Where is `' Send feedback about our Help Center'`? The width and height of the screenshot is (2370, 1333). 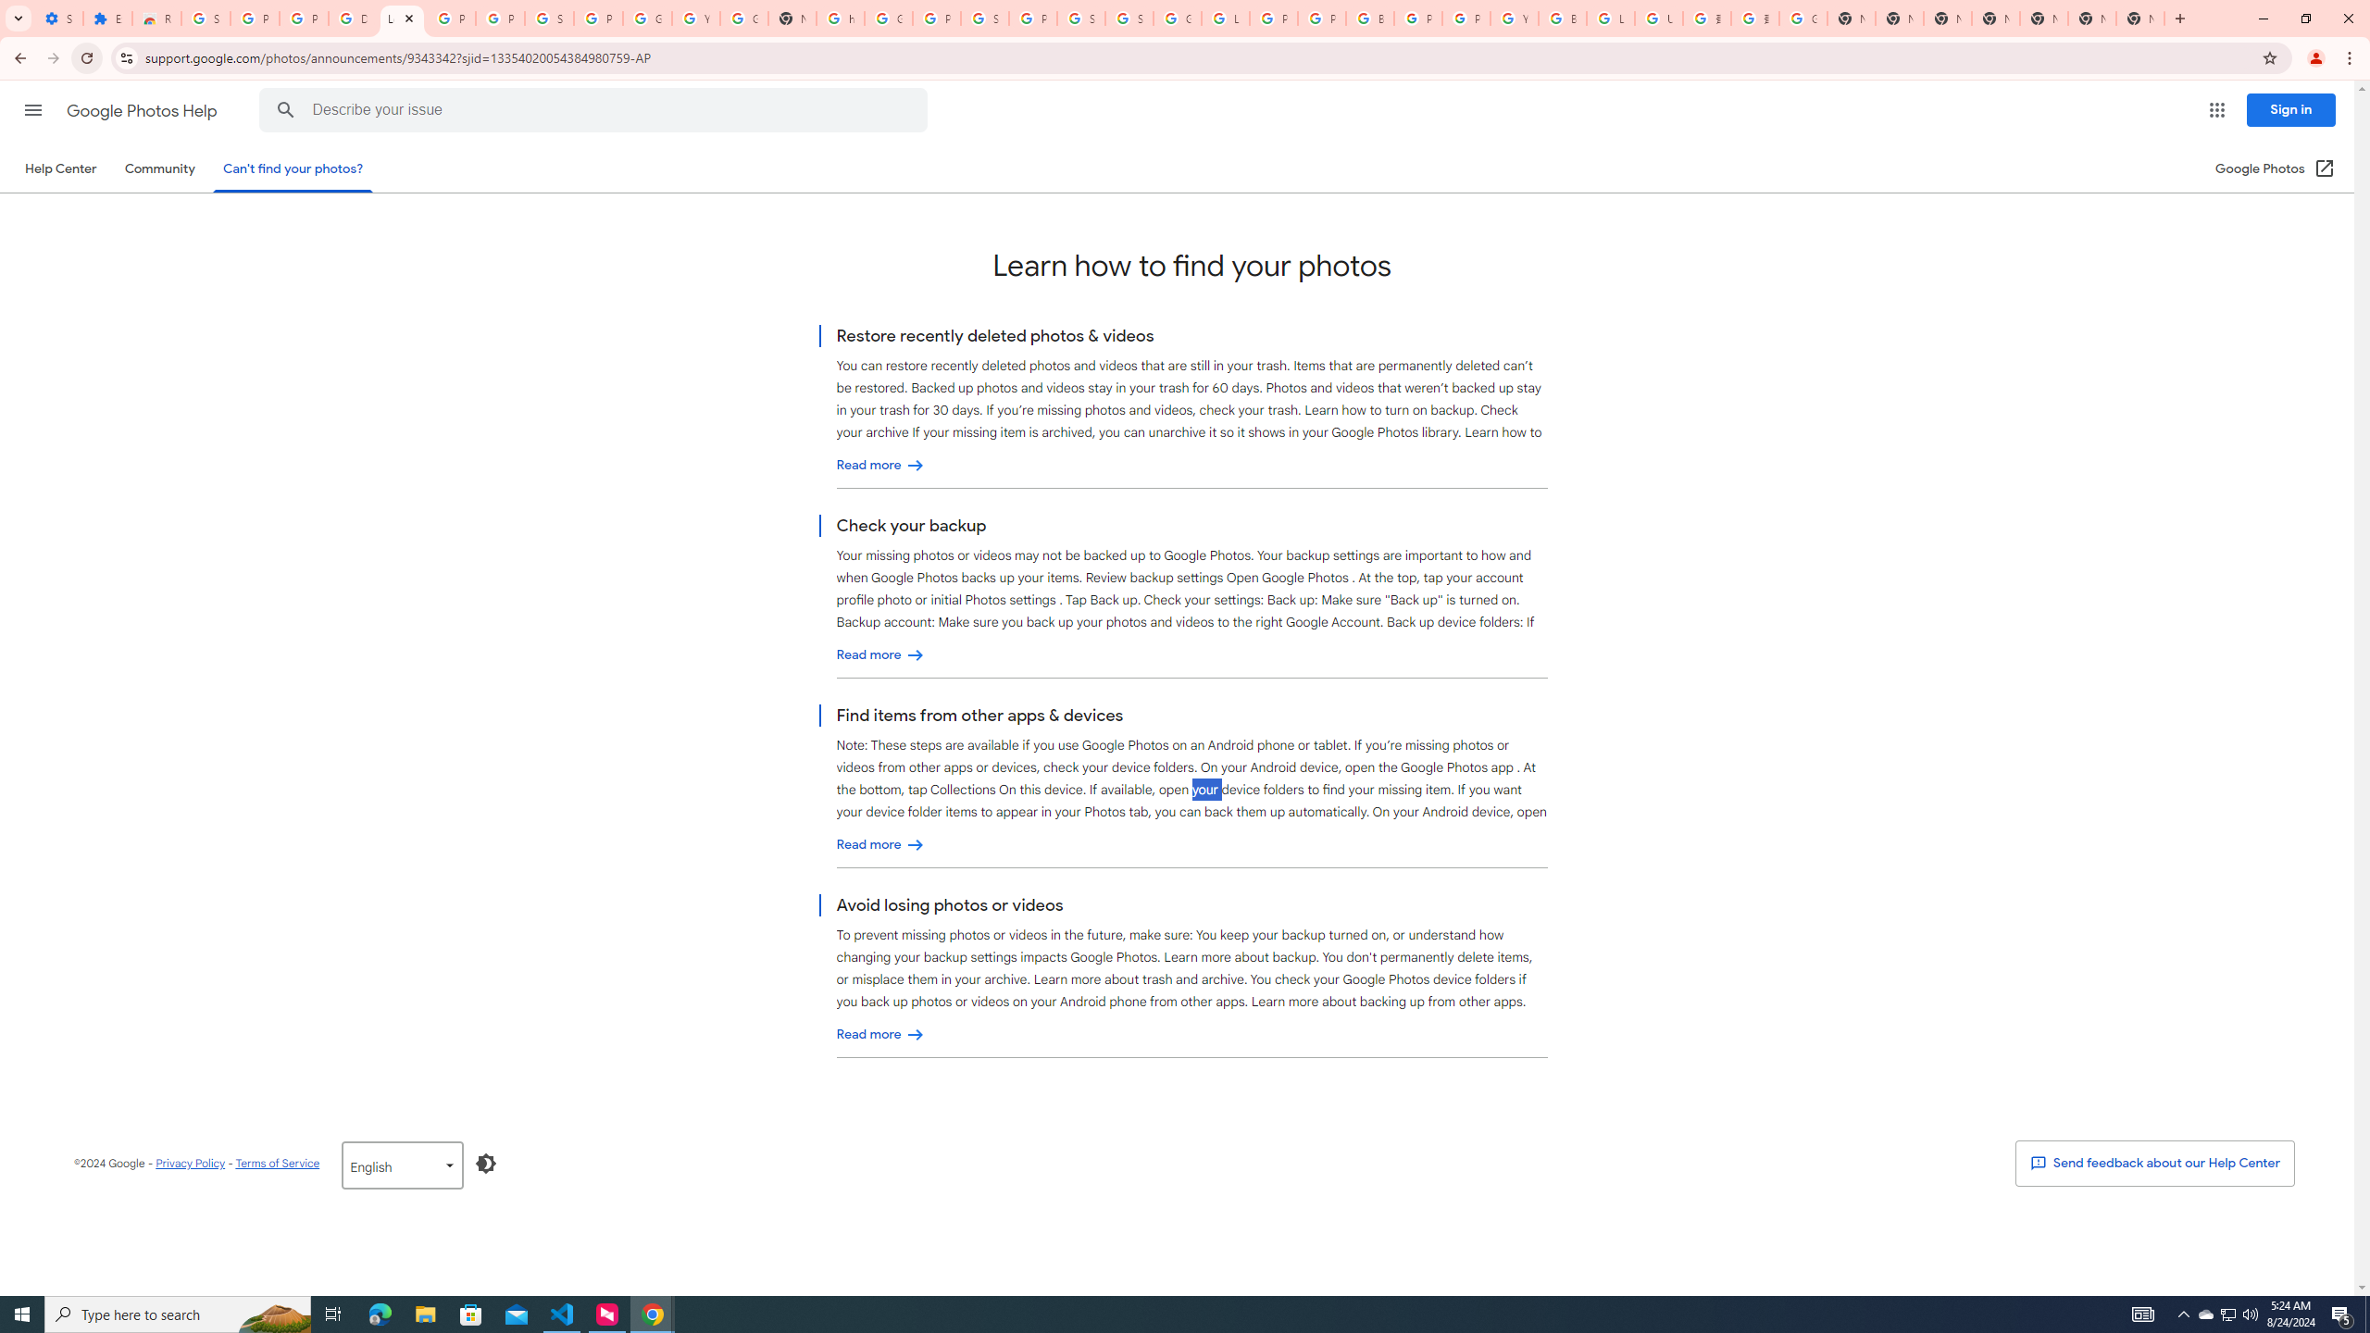
' Send feedback about our Help Center' is located at coordinates (2154, 1163).